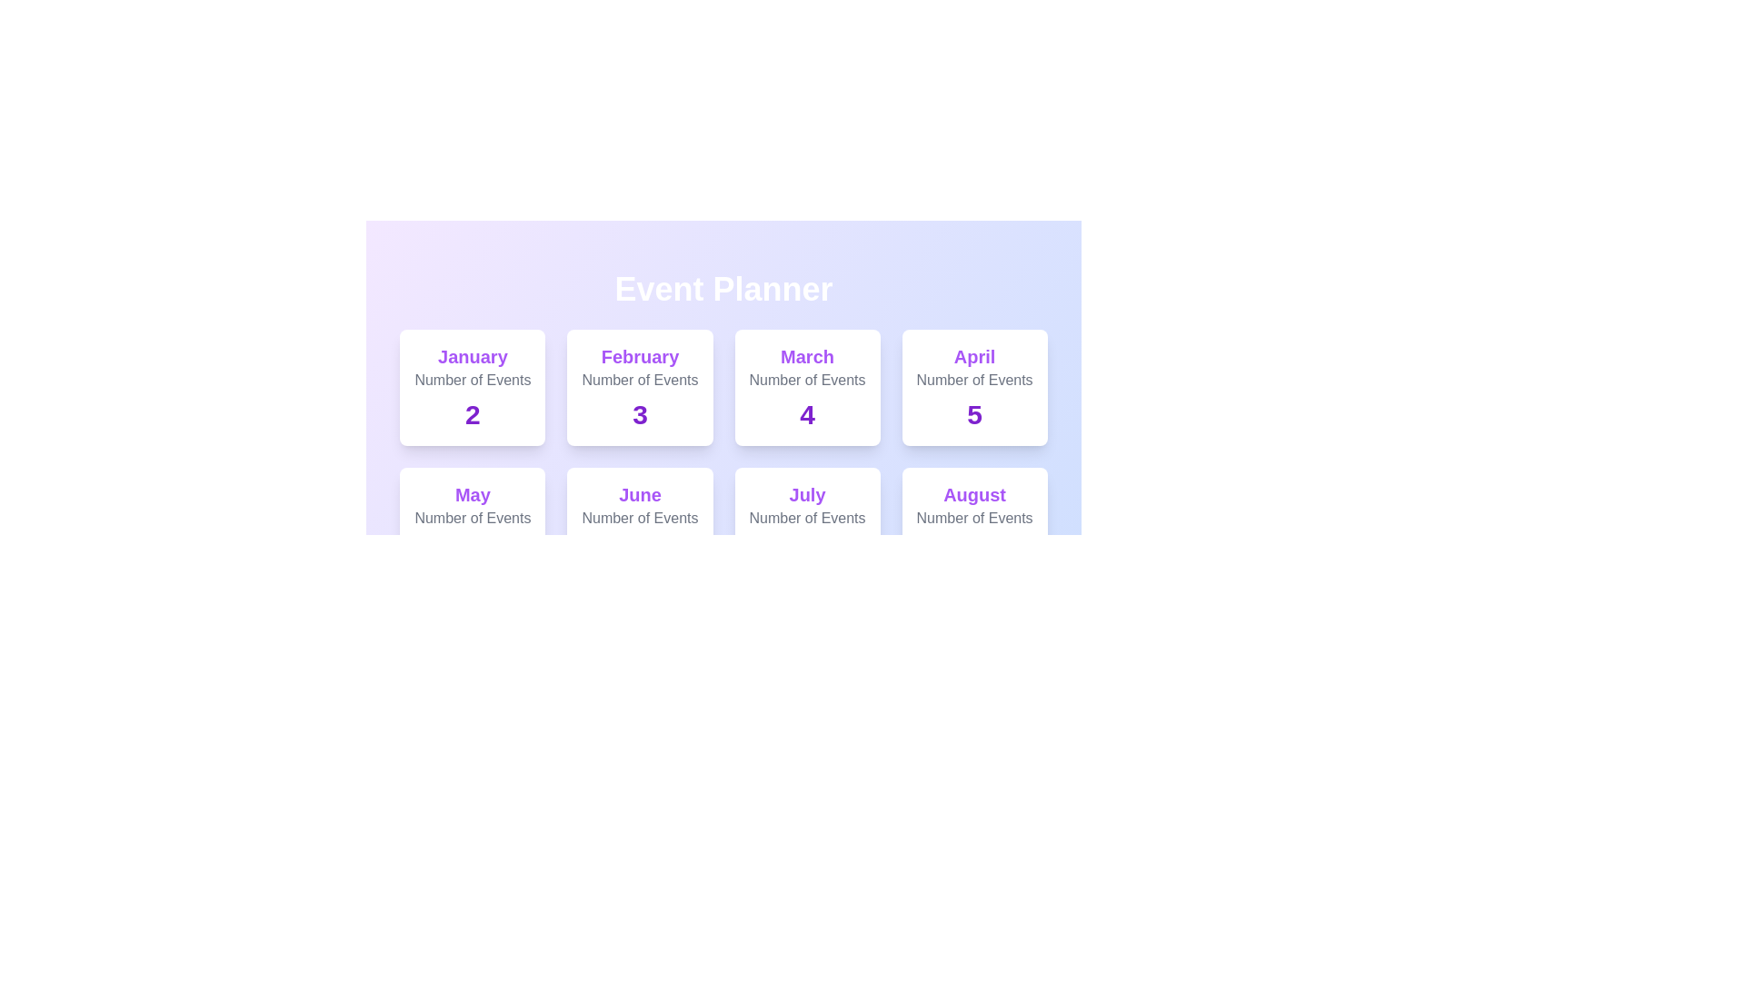 This screenshot has height=981, width=1745. Describe the element at coordinates (806, 387) in the screenshot. I see `the card representing March to view its details` at that location.